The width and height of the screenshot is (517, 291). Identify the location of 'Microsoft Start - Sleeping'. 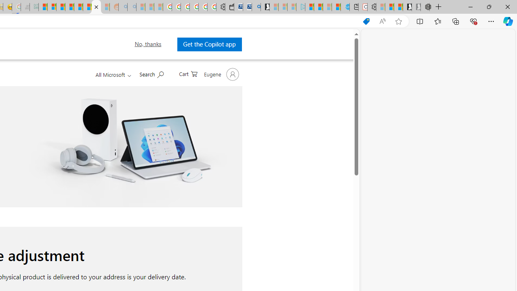
(327, 7).